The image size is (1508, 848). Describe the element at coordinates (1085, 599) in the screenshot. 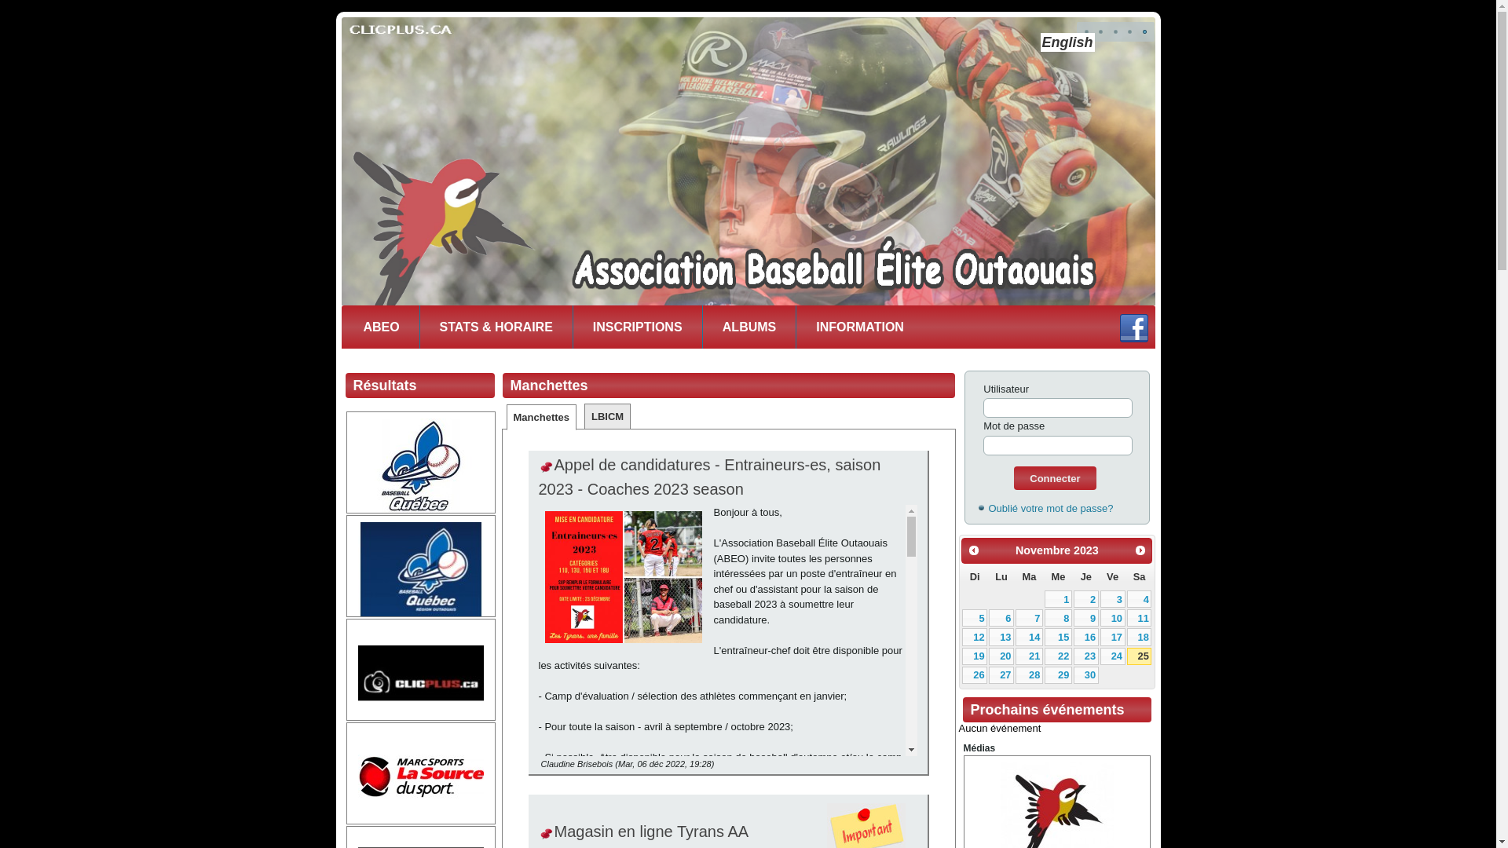

I see `'2'` at that location.